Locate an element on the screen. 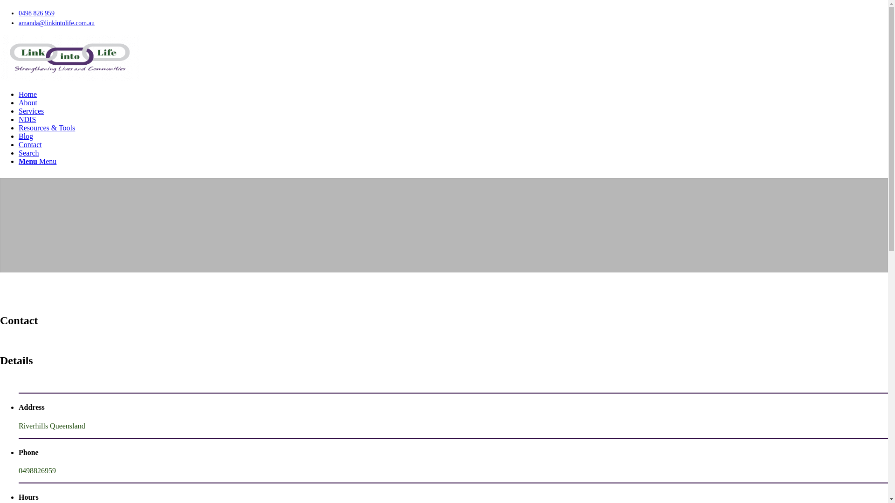 The image size is (895, 503). 'amanda@linkintolife.com.au' is located at coordinates (56, 22).